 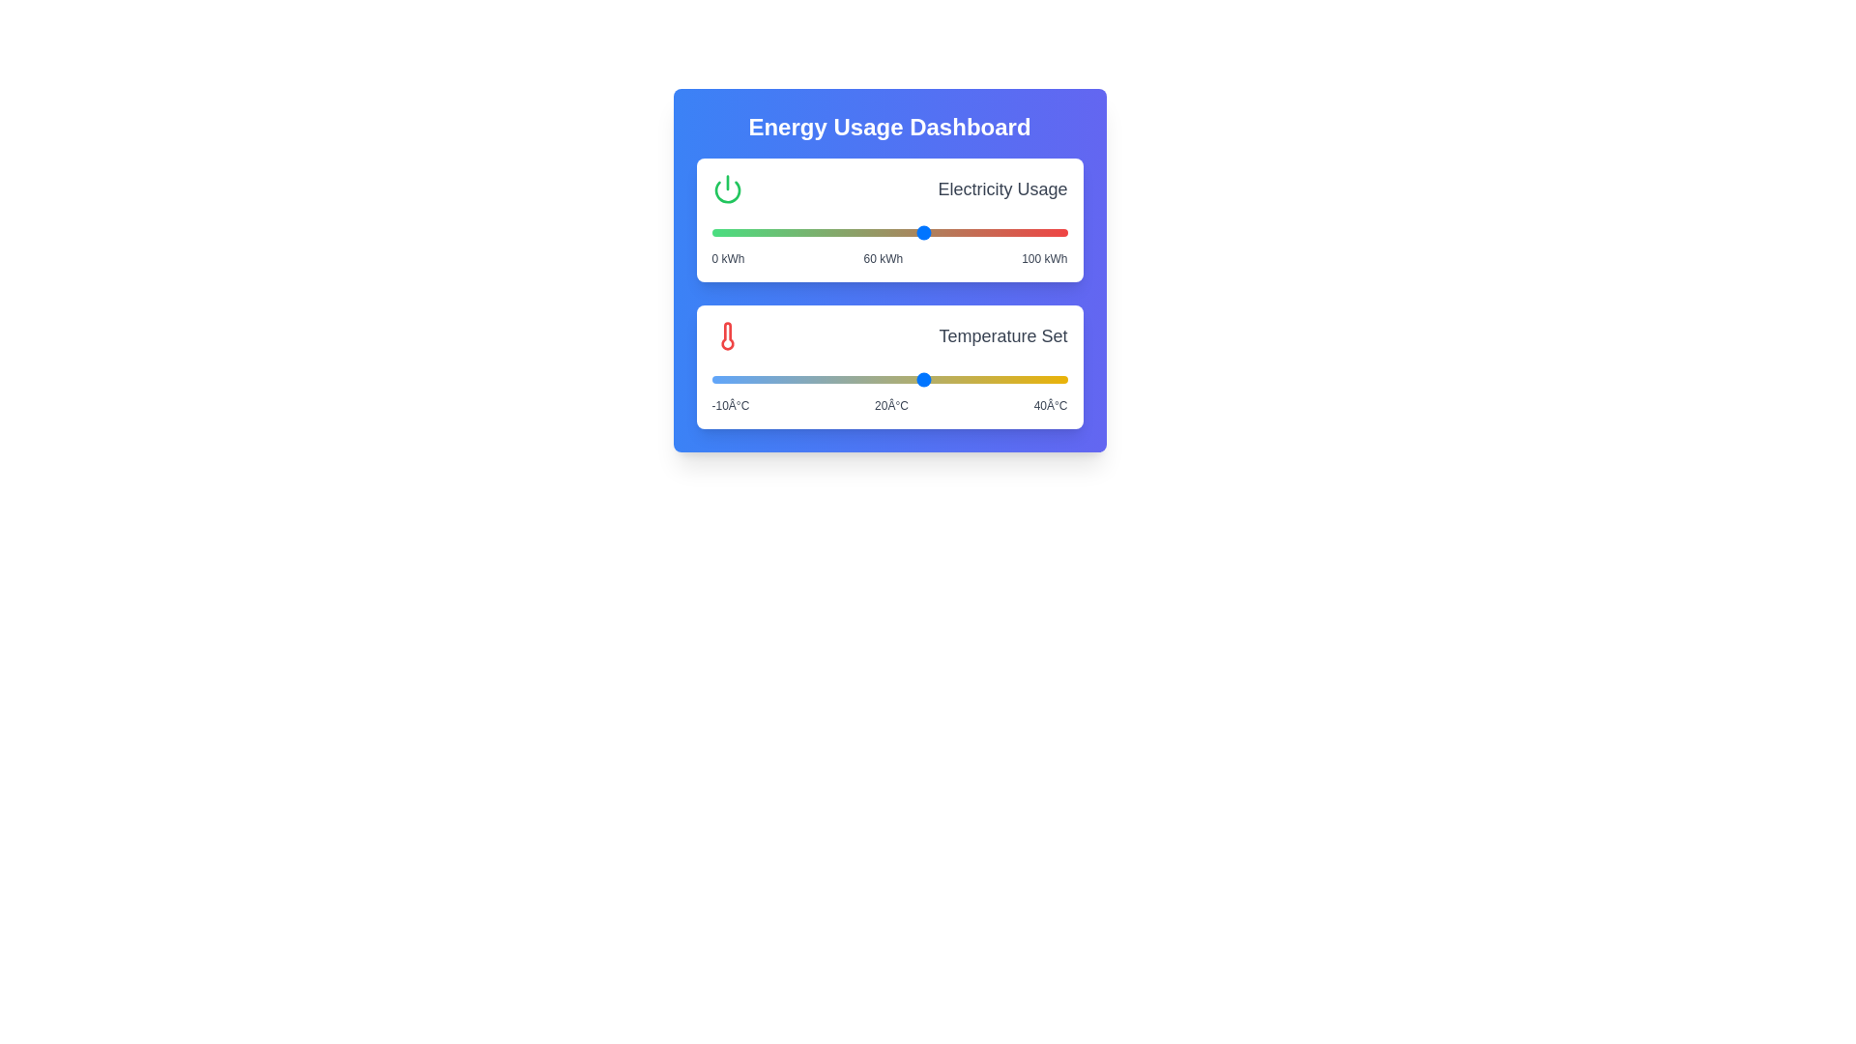 What do you see at coordinates (775, 380) in the screenshot?
I see `the temperature slider to -1°C` at bounding box center [775, 380].